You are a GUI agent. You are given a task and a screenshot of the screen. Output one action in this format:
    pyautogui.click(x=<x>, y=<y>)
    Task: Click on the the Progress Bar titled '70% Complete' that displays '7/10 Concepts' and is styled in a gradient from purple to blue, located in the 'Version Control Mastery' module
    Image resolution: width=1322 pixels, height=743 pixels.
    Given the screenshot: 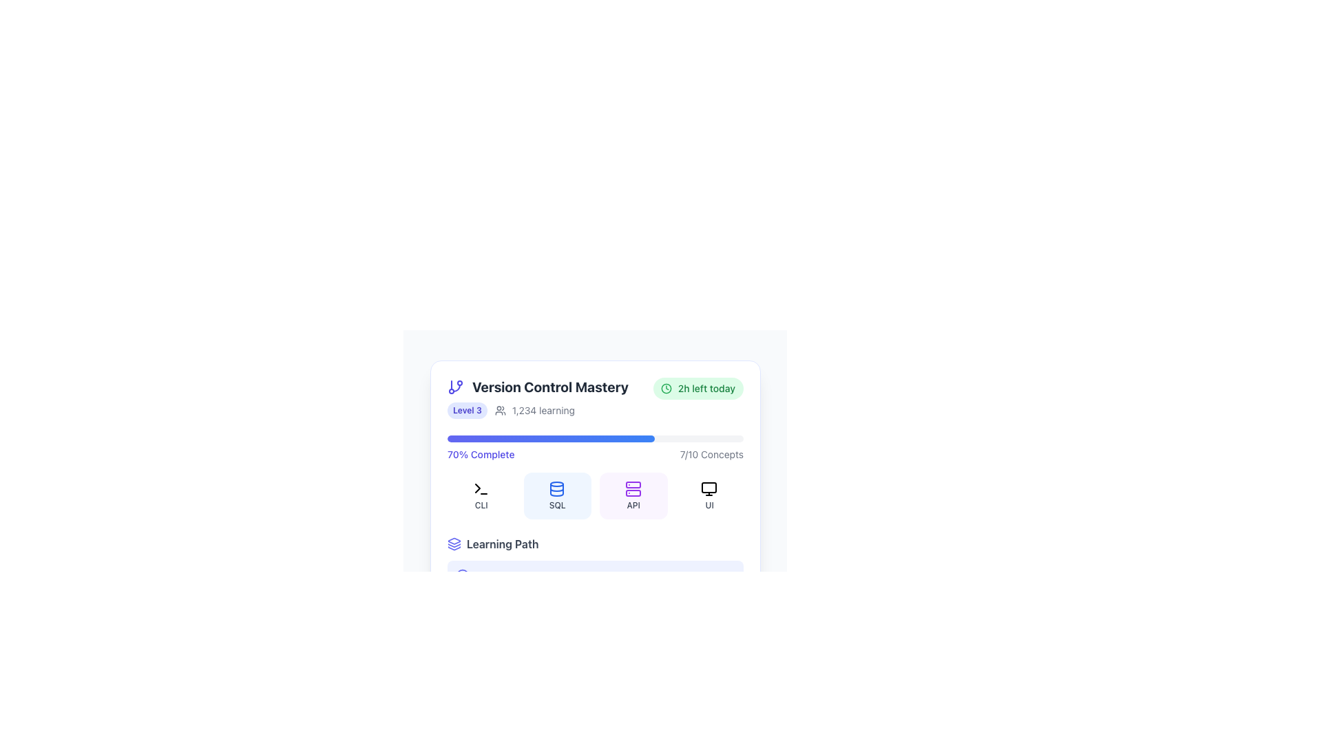 What is the action you would take?
    pyautogui.click(x=595, y=442)
    